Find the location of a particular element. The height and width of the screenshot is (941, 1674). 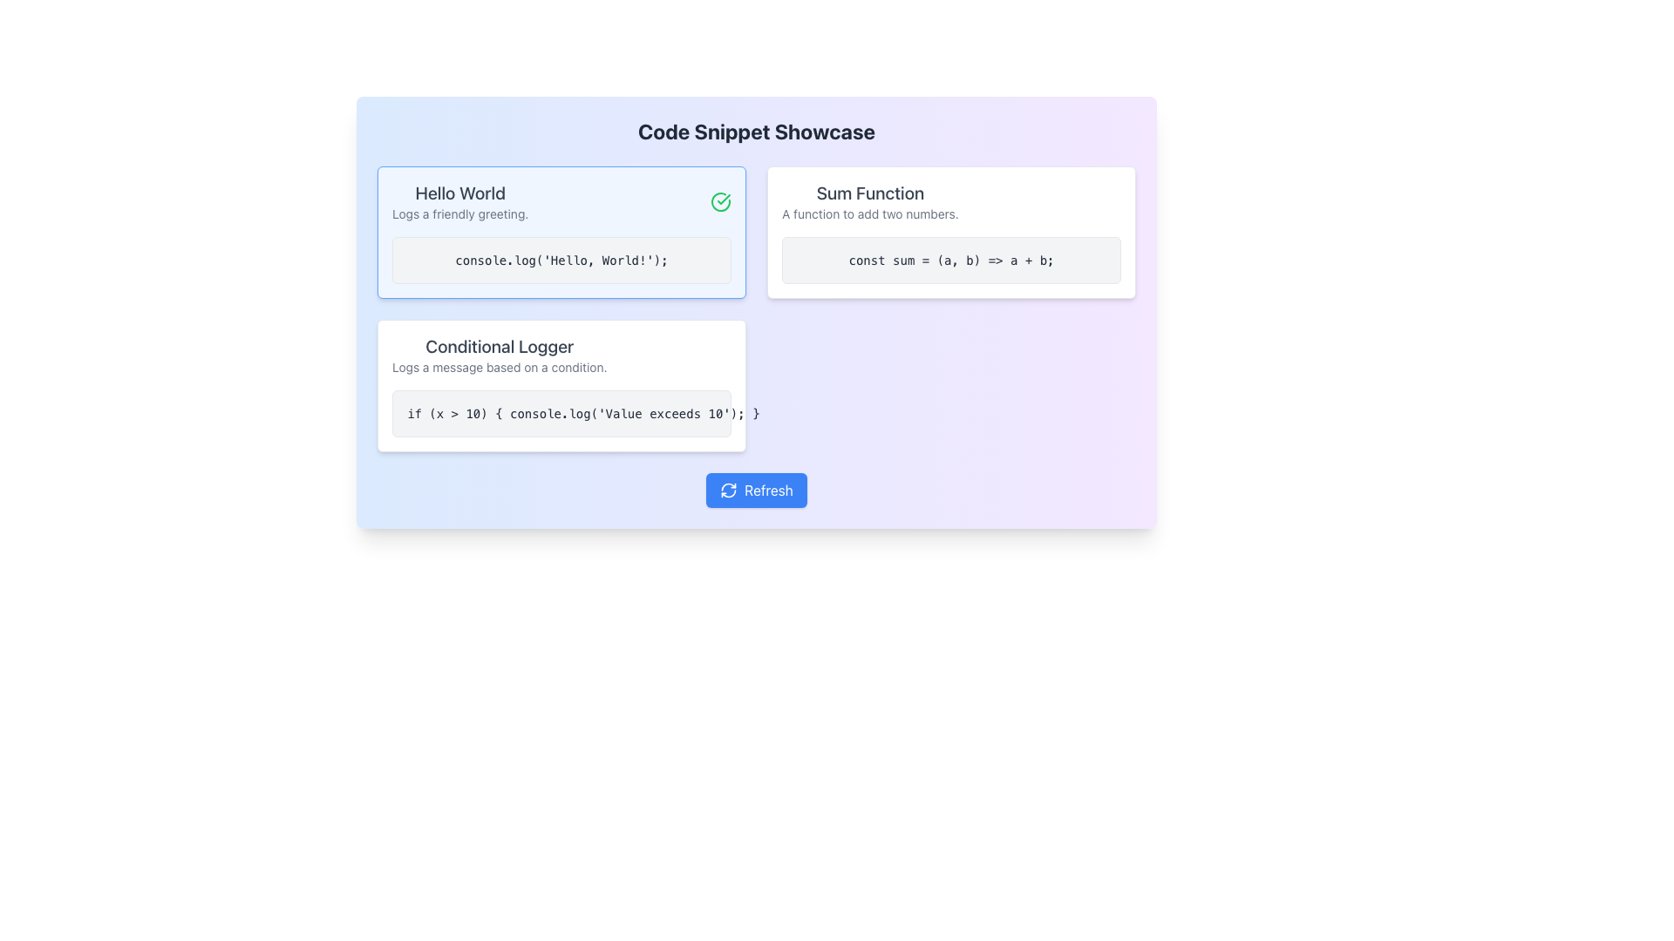

the rounded blue button with white text that says 'Refresh' to observe potential hover effects is located at coordinates (757, 491).